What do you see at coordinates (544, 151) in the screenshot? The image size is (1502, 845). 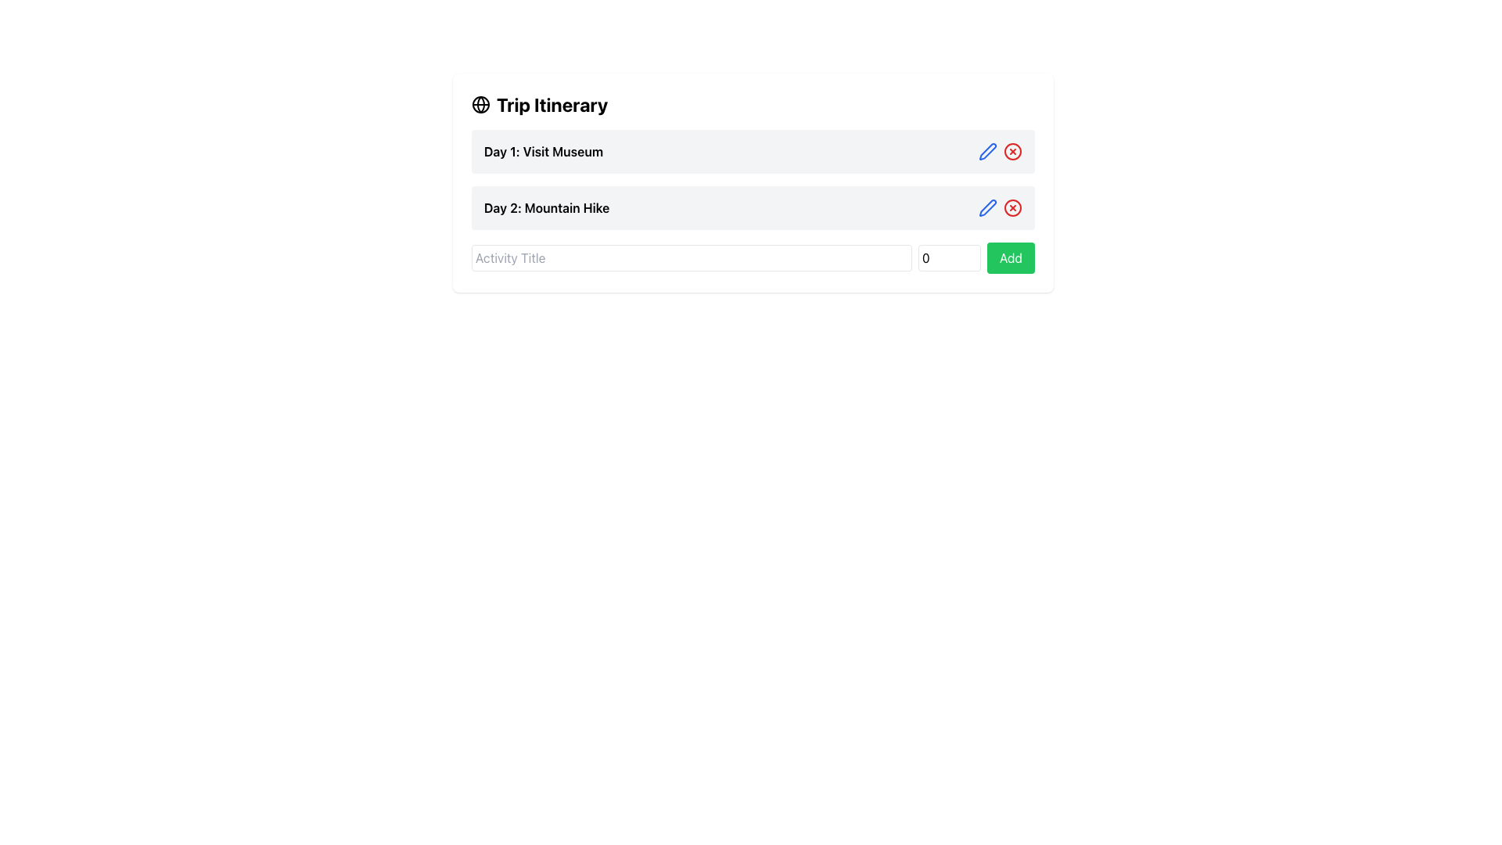 I see `the Text Label that provides information about the first day of the trip itinerary, located below the title 'Trip Itinerary'` at bounding box center [544, 151].